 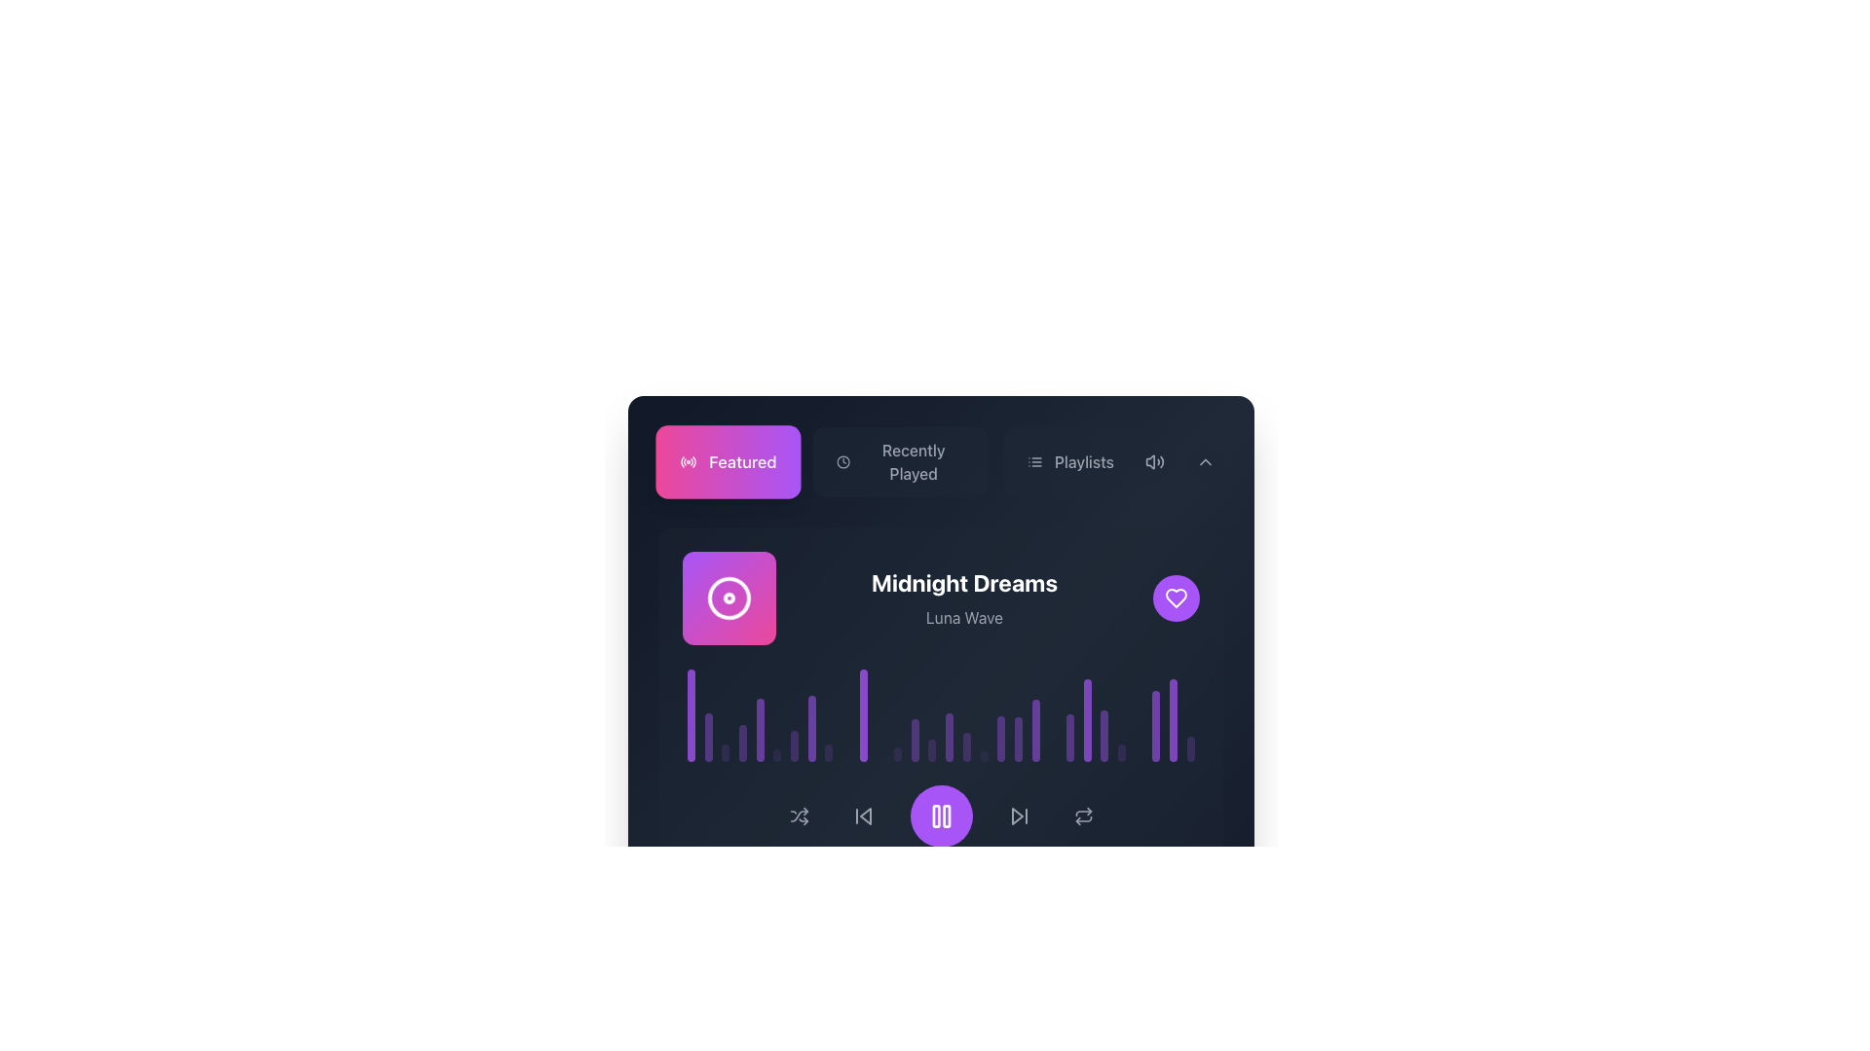 I want to click on the clock icon representing the 'Recently Played' section located within the top navigation section of the interface, so click(x=843, y=461).